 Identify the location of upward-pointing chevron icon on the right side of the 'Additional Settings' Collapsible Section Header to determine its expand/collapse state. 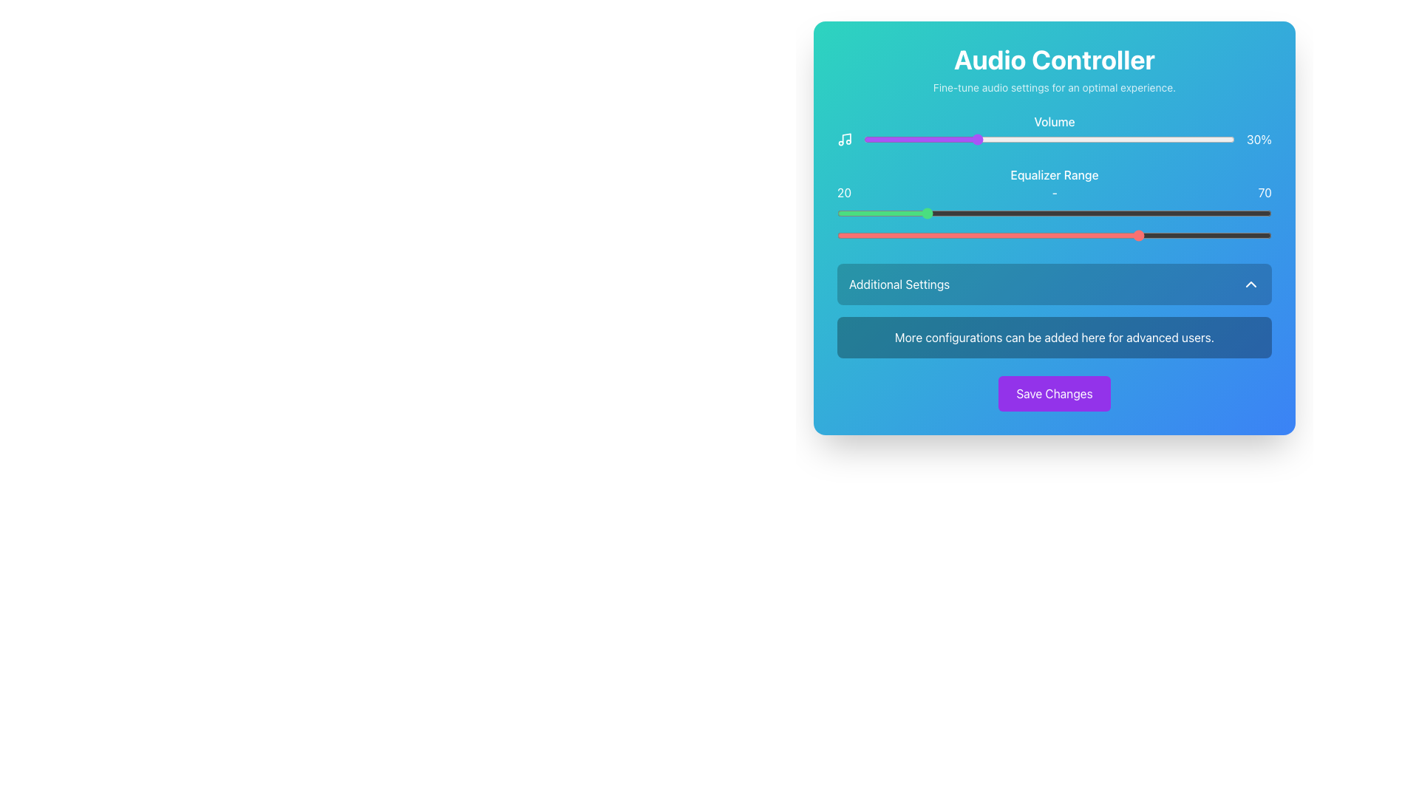
(1053, 310).